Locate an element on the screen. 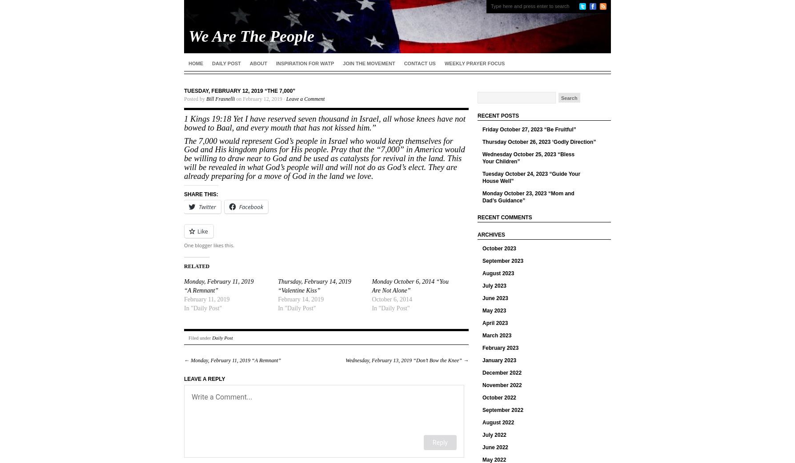 The height and width of the screenshot is (463, 795). 'Filed under' is located at coordinates (200, 337).